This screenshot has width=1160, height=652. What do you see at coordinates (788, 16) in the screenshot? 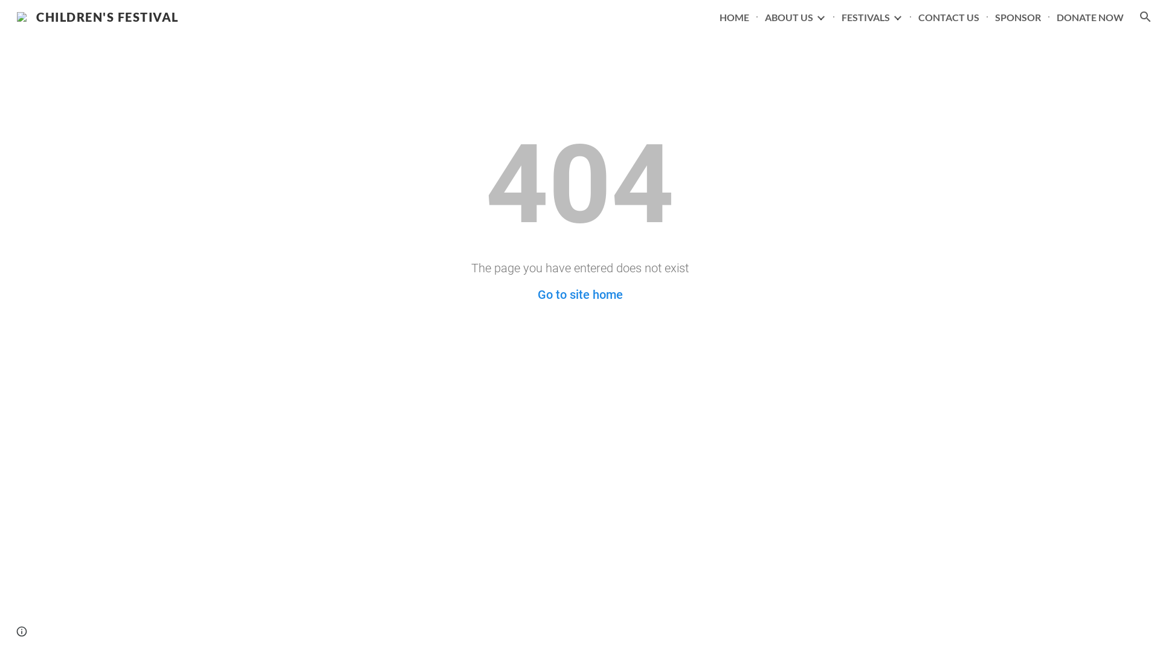
I see `'ABOUT US'` at bounding box center [788, 16].